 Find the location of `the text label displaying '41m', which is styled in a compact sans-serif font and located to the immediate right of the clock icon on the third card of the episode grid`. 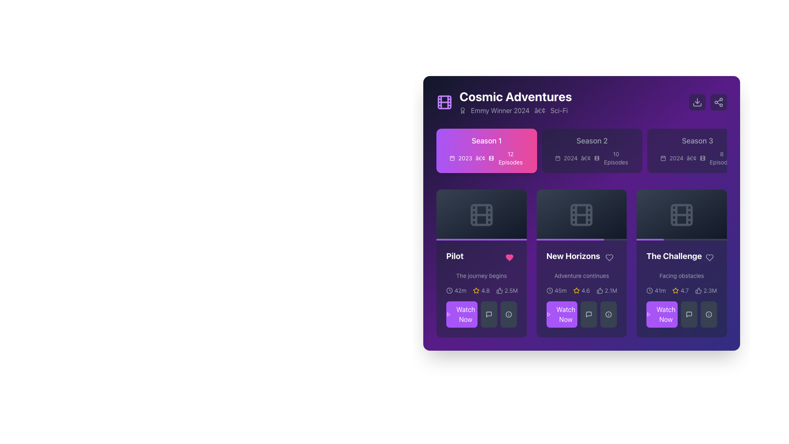

the text label displaying '41m', which is styled in a compact sans-serif font and located to the immediate right of the clock icon on the third card of the episode grid is located at coordinates (660, 290).